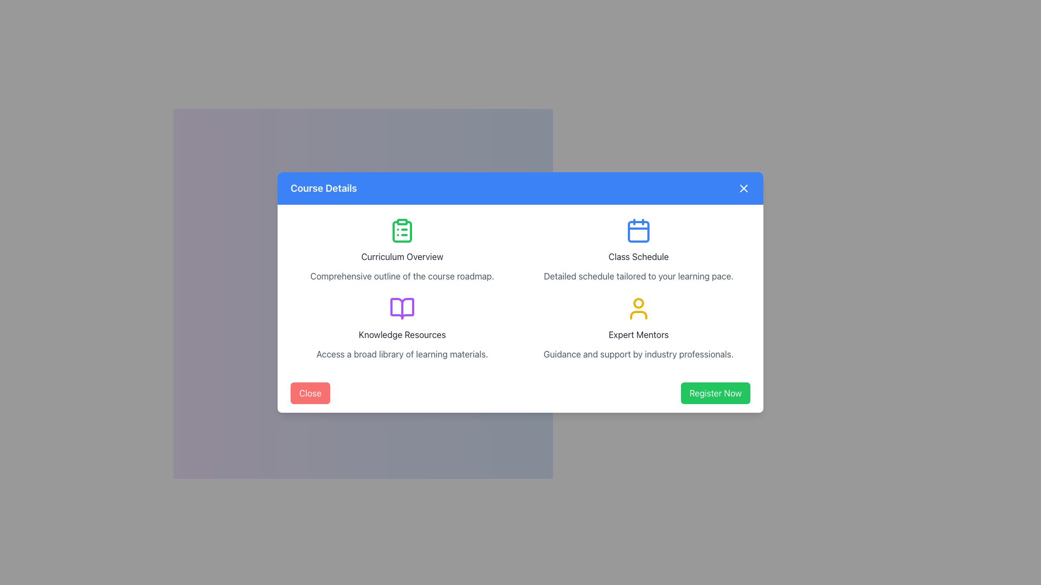  I want to click on the Decorative Icon, which is a user icon with a yellow outline located at the top center of the 'Expert Mentors' section, so click(638, 309).